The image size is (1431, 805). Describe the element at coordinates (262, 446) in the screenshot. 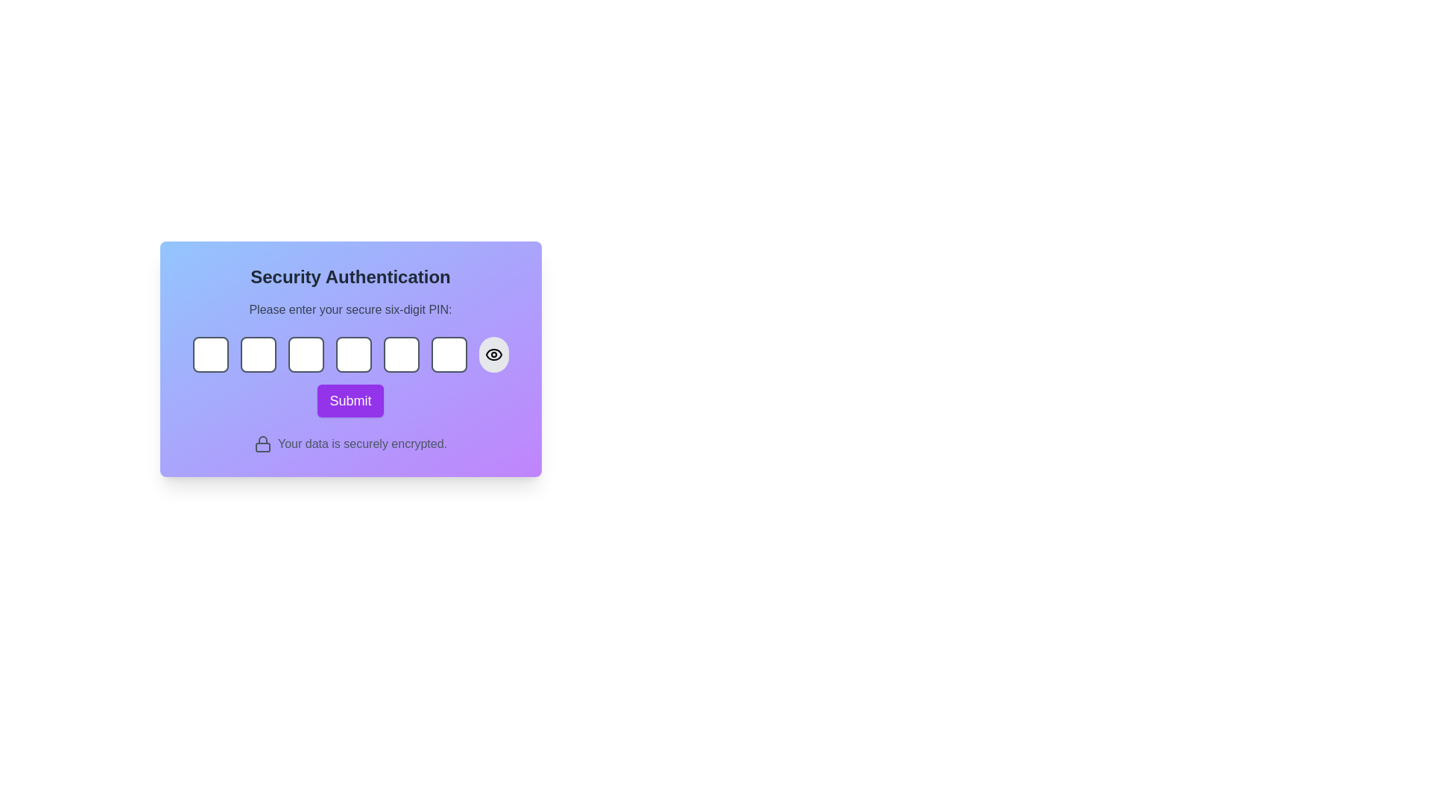

I see `the small rectangle with rounded corners and solid fill color, which is part of the Decorative SVG component nested within the lock icon, located at the bottom left of the form under the 'Submit' button` at that location.